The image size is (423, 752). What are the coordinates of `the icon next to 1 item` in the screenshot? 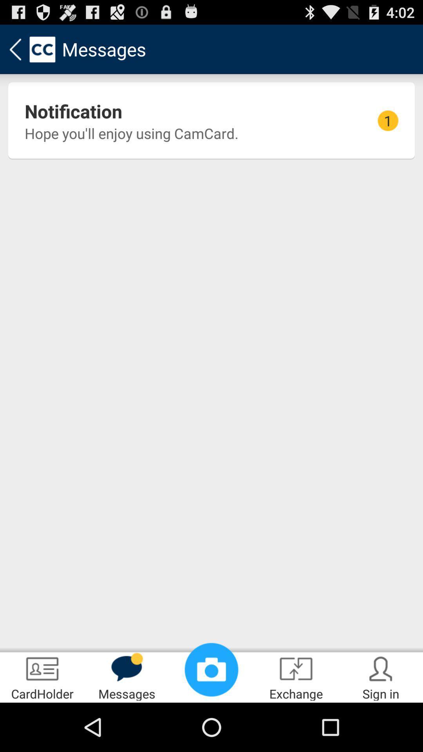 It's located at (131, 133).